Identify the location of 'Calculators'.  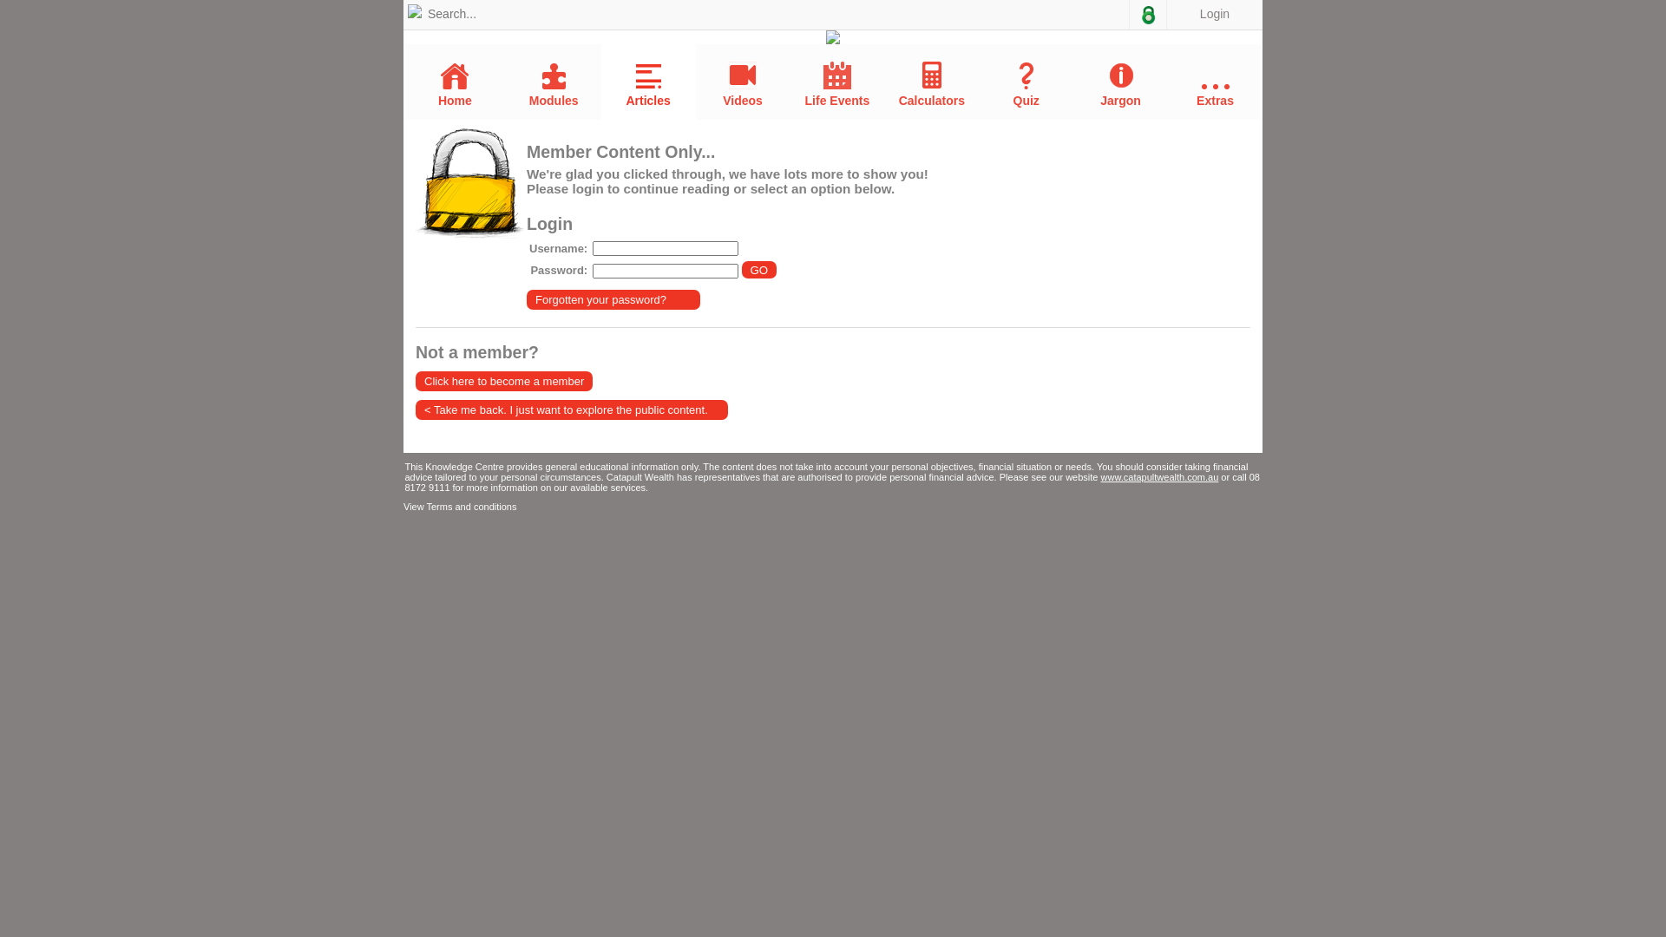
(930, 84).